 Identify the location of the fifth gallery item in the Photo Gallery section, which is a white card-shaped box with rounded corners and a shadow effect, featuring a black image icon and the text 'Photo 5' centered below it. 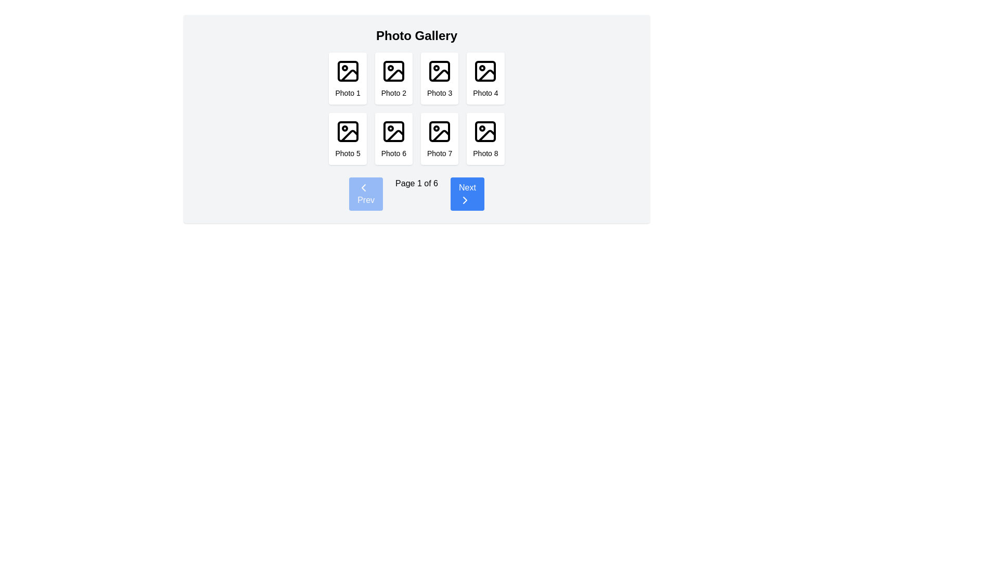
(348, 138).